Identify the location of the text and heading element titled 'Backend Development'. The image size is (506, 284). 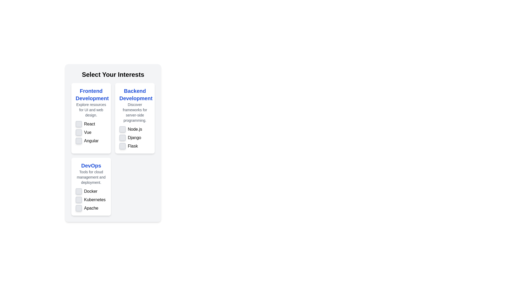
(135, 105).